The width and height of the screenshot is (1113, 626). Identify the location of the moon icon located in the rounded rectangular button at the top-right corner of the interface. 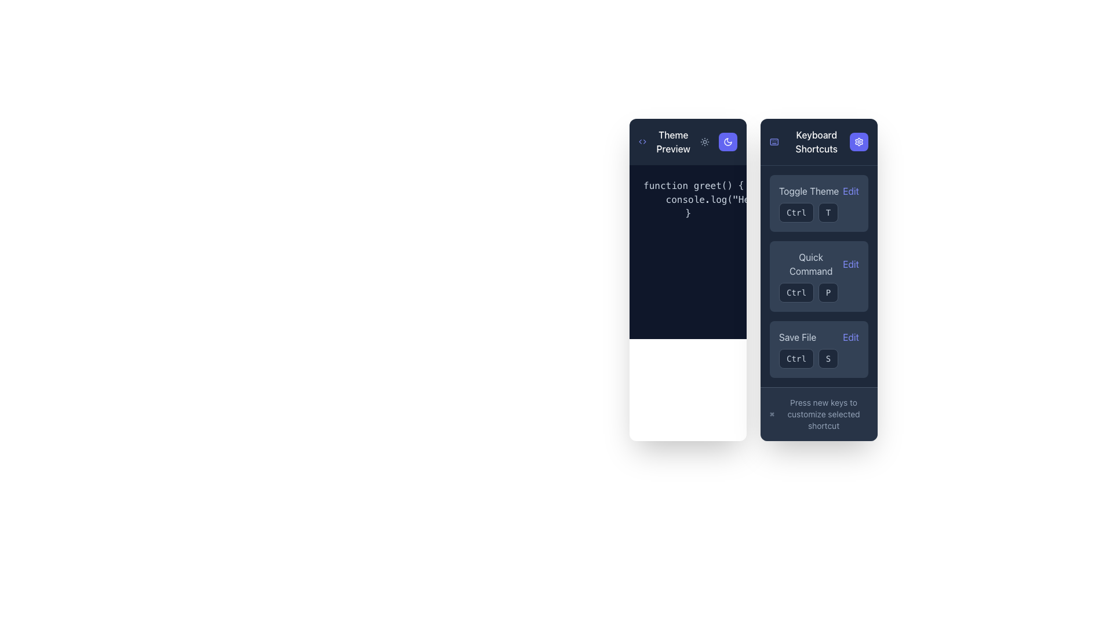
(728, 141).